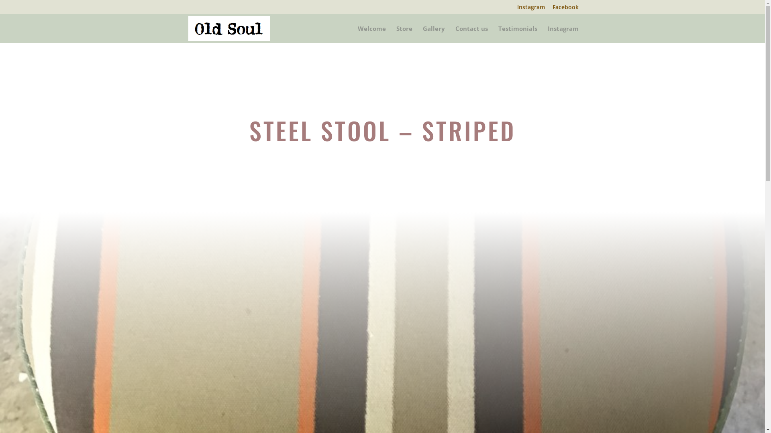 The image size is (771, 433). Describe the element at coordinates (471, 34) in the screenshot. I see `'Contact us'` at that location.